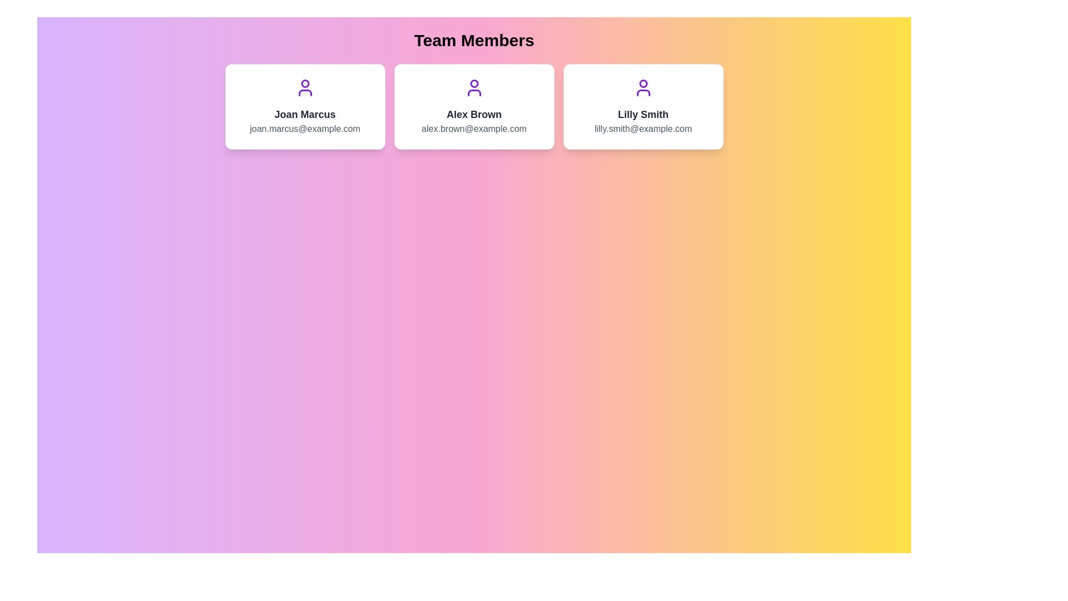 This screenshot has height=601, width=1068. Describe the element at coordinates (474, 128) in the screenshot. I see `the informational text label displaying the email address of Alex Brown, located directly below his name in the center card` at that location.